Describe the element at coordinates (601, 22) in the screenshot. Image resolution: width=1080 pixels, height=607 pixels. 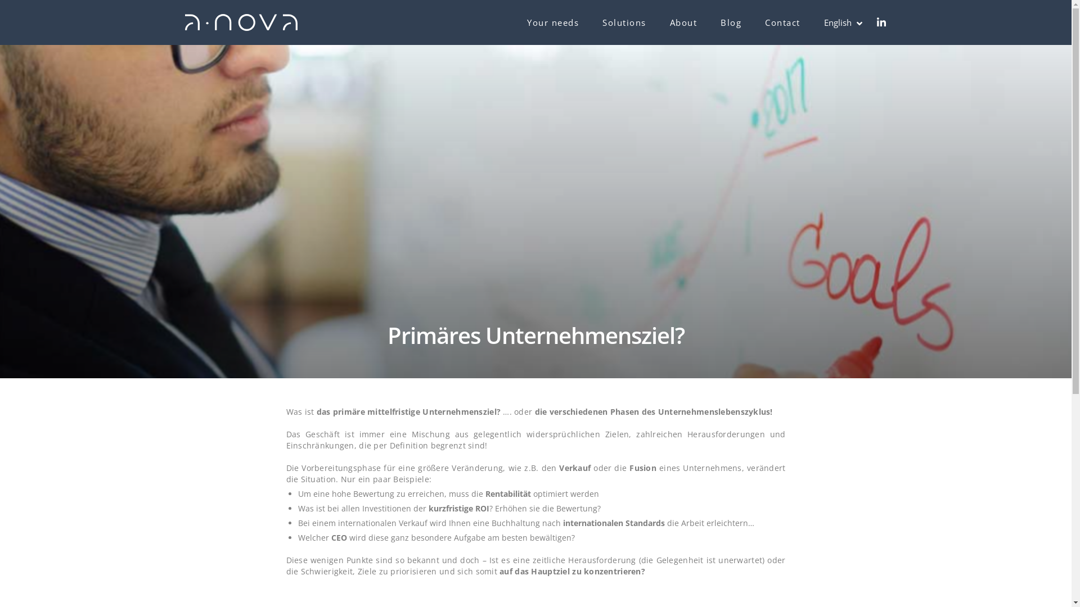
I see `'Solutions'` at that location.